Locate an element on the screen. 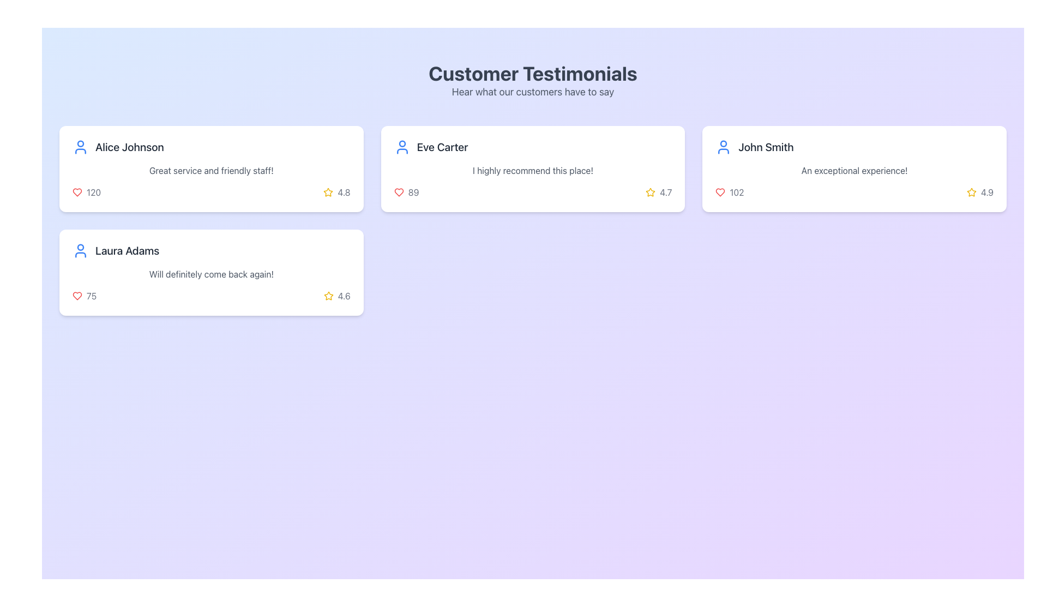 The width and height of the screenshot is (1047, 589). numeric text '4.7' displayed in a clean sans-serif font at the bottom right corner of the testimonial card for 'Eve Carter', positioned to the right of a yellow star icon is located at coordinates (665, 192).